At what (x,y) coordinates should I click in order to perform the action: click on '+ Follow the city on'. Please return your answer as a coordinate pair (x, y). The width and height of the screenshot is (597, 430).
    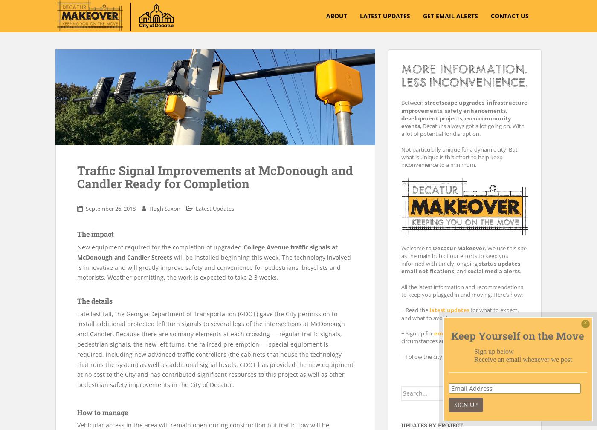
    Looking at the image, I should click on (426, 356).